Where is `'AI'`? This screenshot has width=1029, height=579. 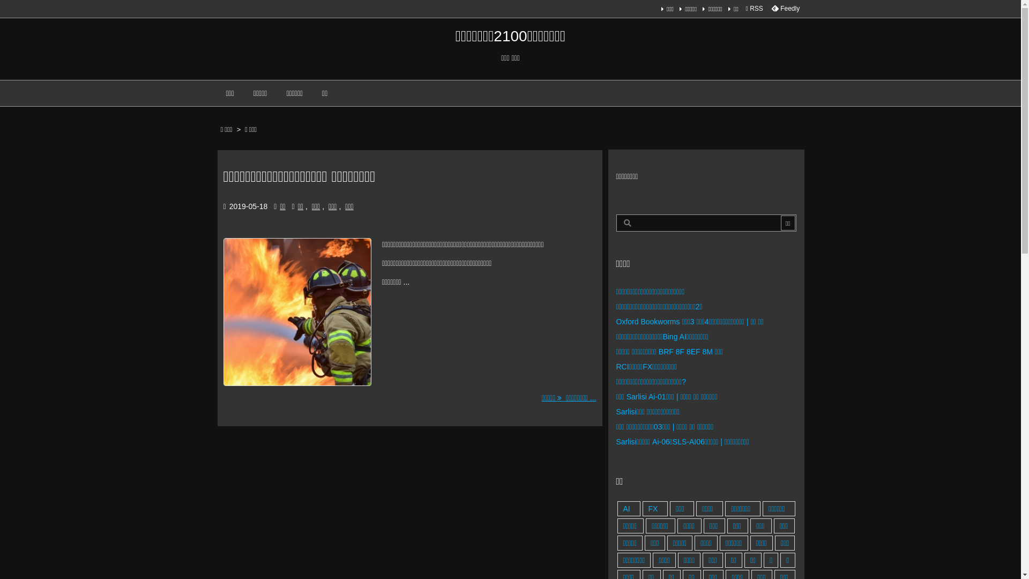 'AI' is located at coordinates (629, 508).